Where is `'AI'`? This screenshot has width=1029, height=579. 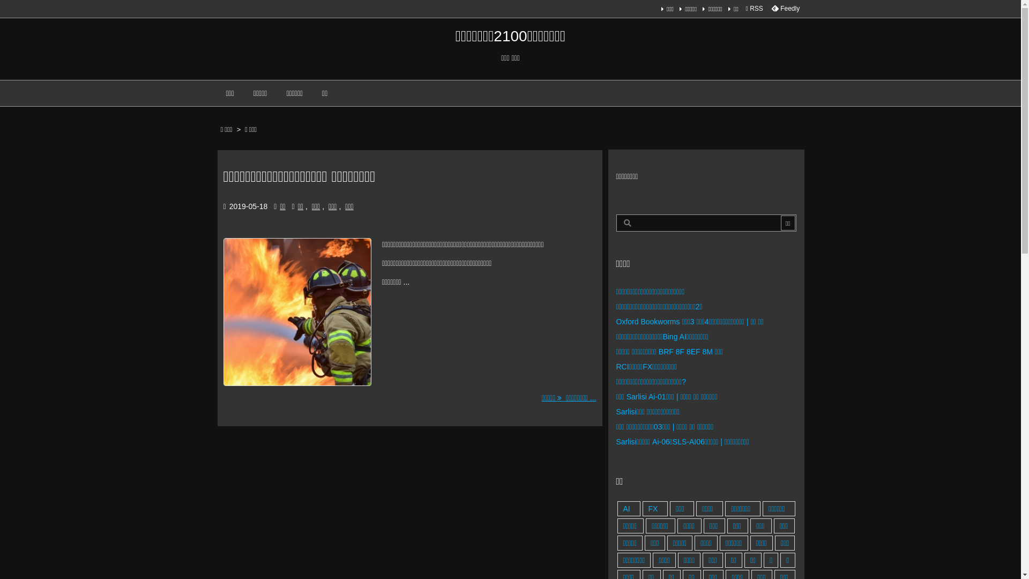 'AI' is located at coordinates (629, 508).